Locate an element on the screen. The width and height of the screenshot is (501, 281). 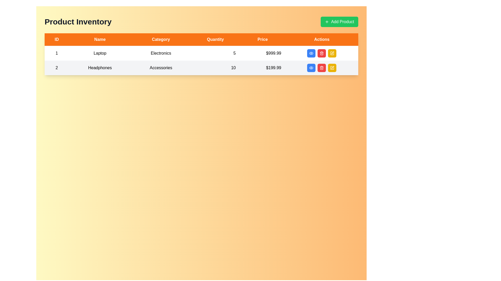
the yellow pencil icon button in the Actions column of the table is located at coordinates (332, 68).